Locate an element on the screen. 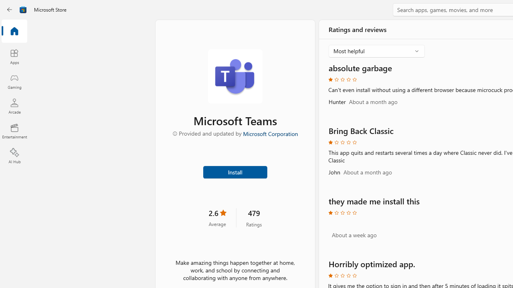  'Arcade' is located at coordinates (14, 106).